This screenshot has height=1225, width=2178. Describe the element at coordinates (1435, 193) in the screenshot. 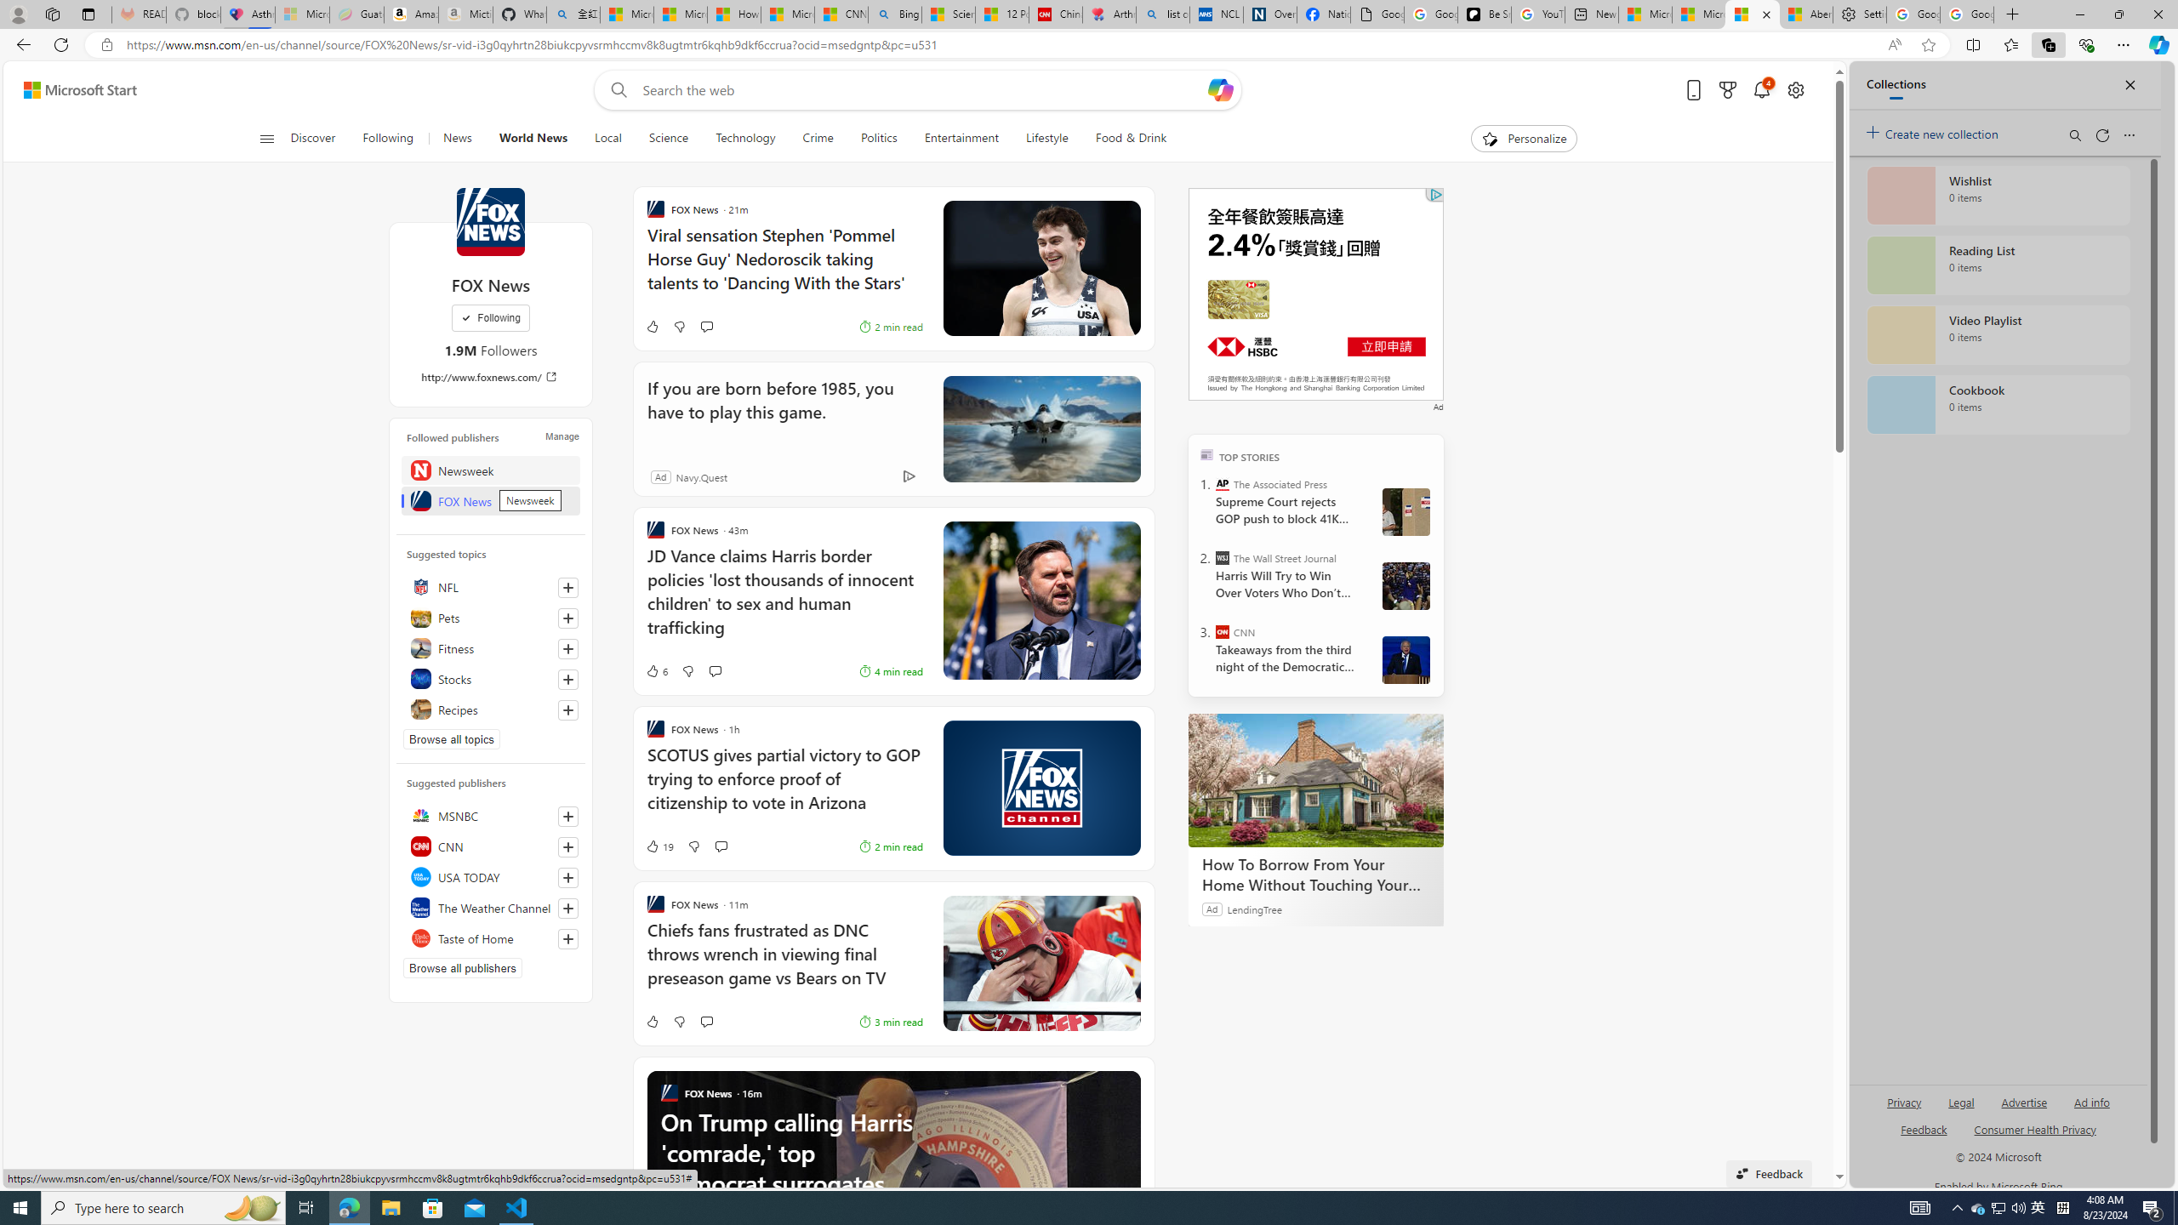

I see `'Class: qc-adchoices-link top-right '` at that location.